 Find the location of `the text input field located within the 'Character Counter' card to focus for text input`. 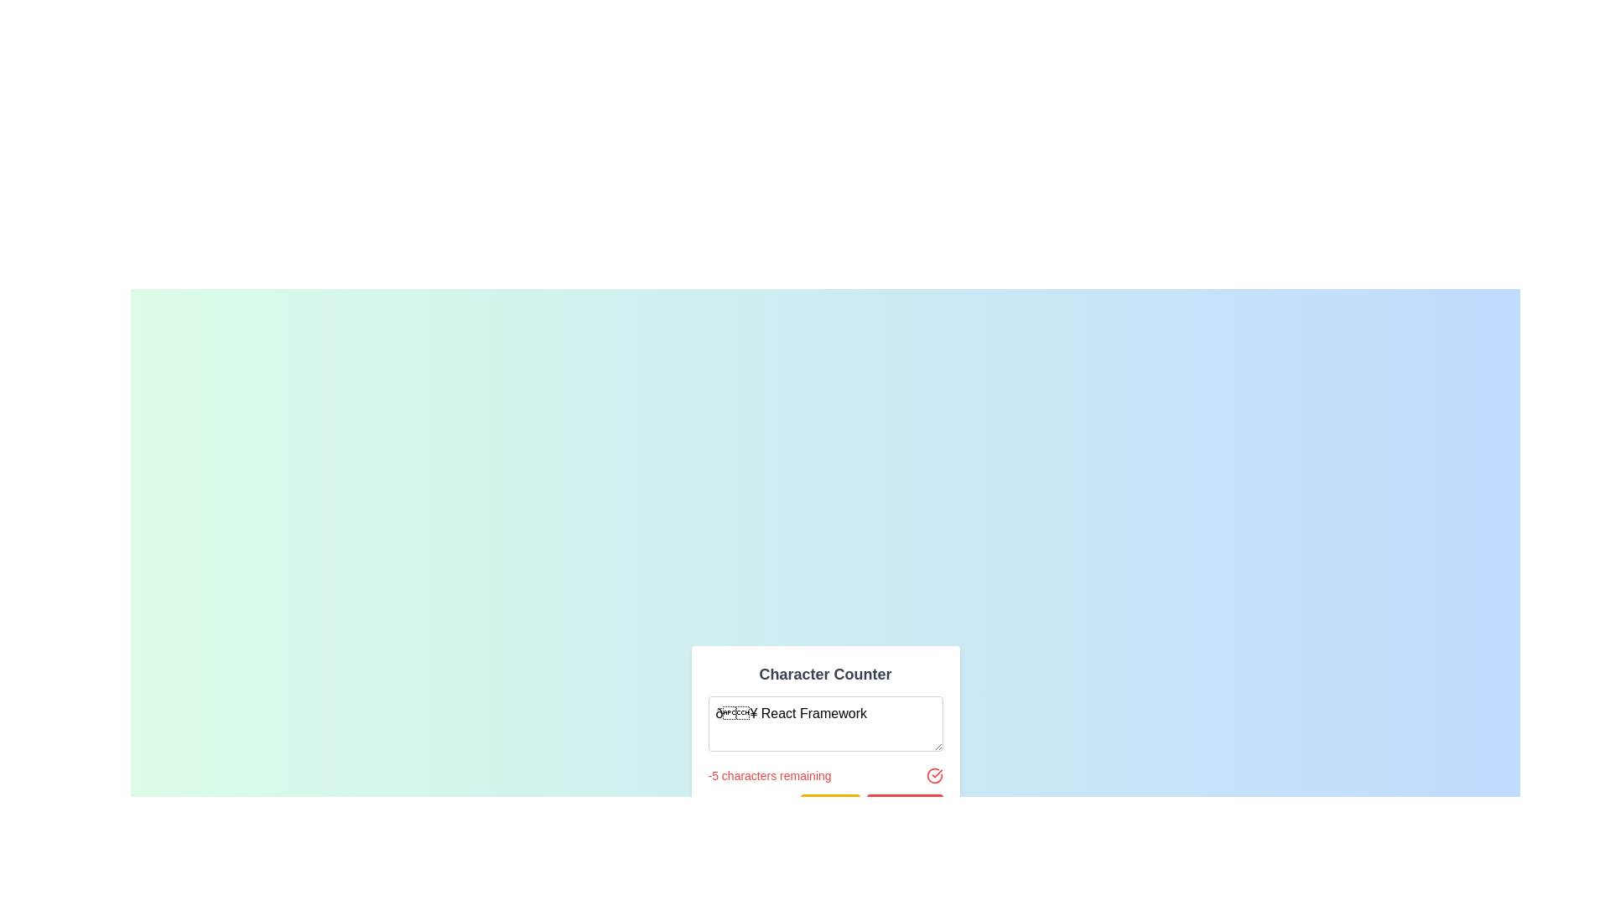

the text input field located within the 'Character Counter' card to focus for text input is located at coordinates (825, 722).